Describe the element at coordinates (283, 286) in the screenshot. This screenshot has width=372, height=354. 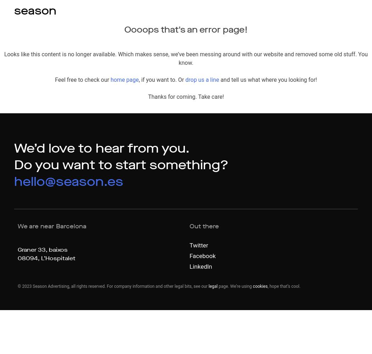
I see `', hope that’s cool.'` at that location.